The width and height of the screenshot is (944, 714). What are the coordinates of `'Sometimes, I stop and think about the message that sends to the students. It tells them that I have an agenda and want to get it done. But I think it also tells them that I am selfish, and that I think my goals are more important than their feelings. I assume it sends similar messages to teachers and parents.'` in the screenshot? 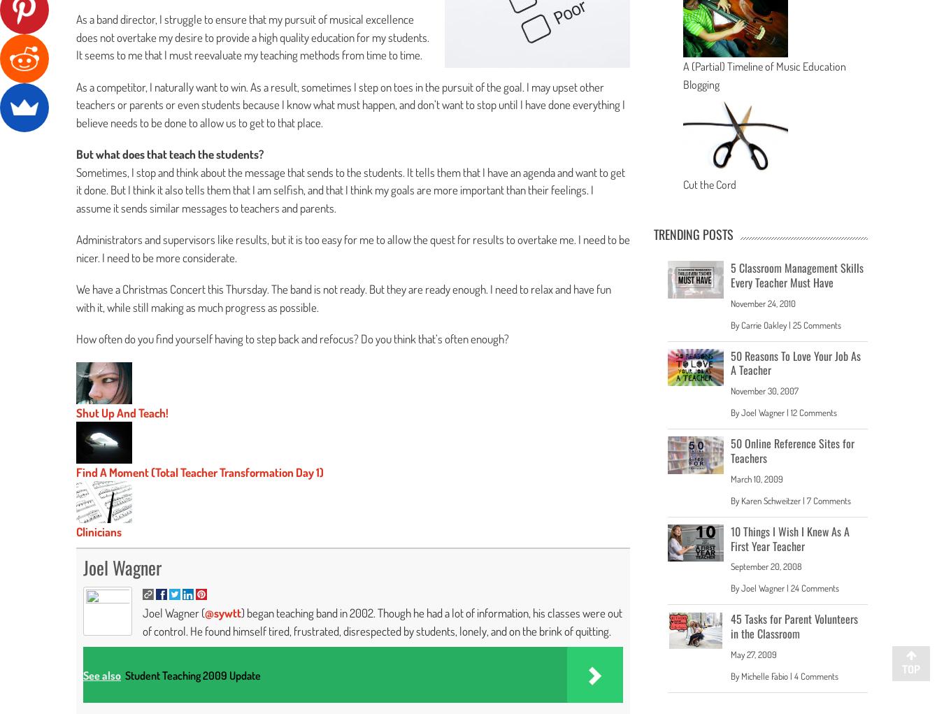 It's located at (75, 188).